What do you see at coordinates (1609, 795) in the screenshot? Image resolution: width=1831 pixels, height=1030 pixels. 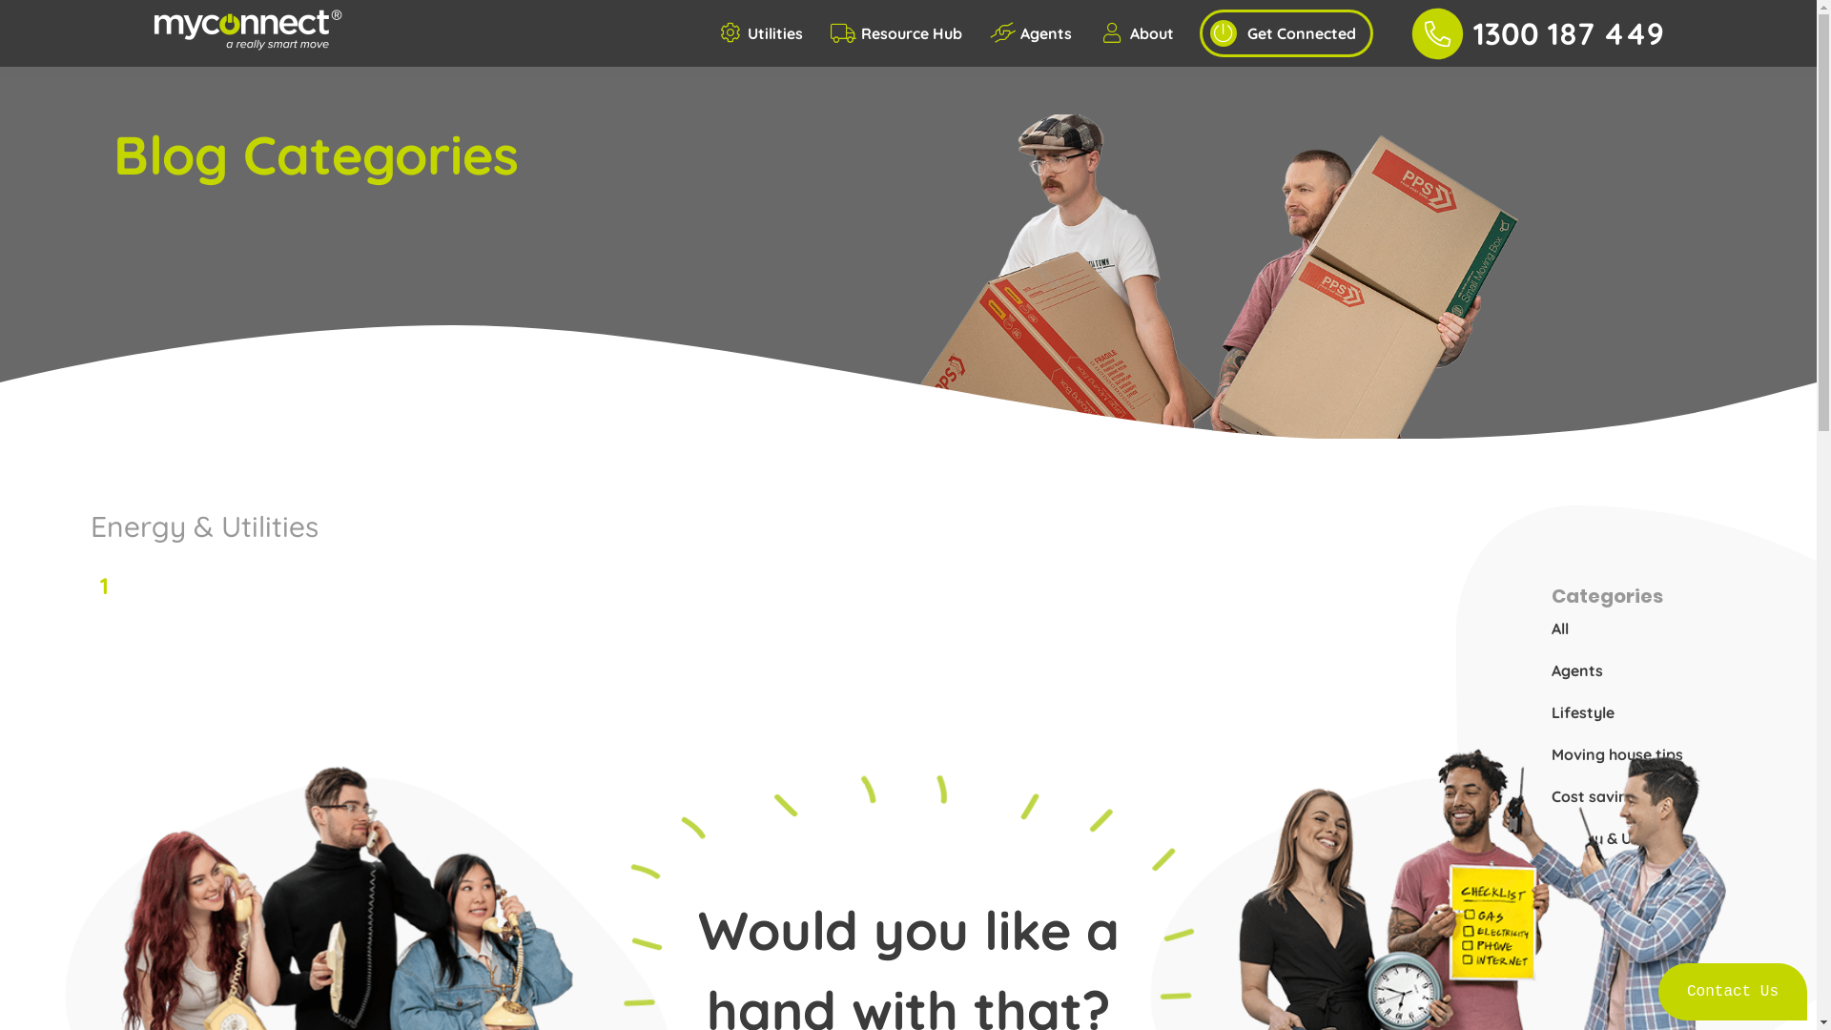 I see `'Cost saving tips'` at bounding box center [1609, 795].